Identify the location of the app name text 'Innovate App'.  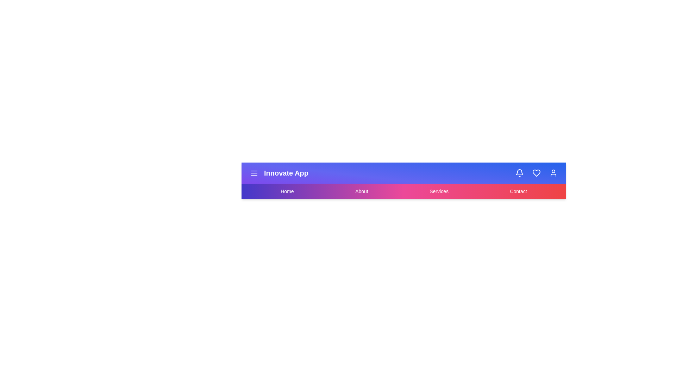
(286, 173).